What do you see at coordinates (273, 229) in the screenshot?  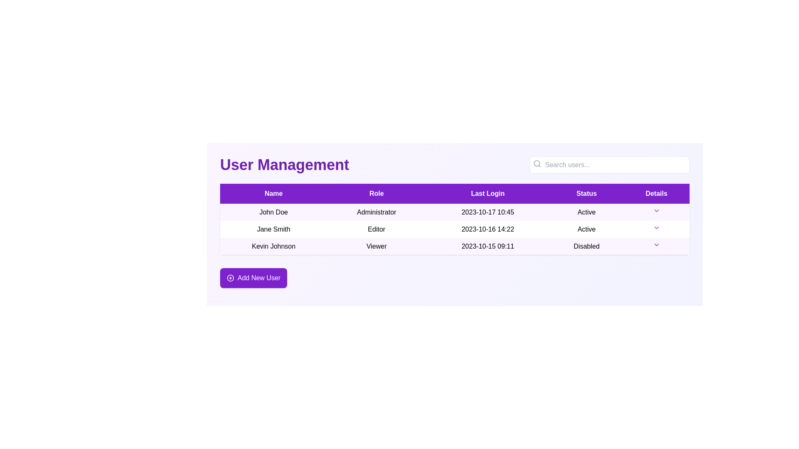 I see `the non-interactive text label displaying 'Jane Smith' in the user management table, located in the second row under the 'Name' column` at bounding box center [273, 229].